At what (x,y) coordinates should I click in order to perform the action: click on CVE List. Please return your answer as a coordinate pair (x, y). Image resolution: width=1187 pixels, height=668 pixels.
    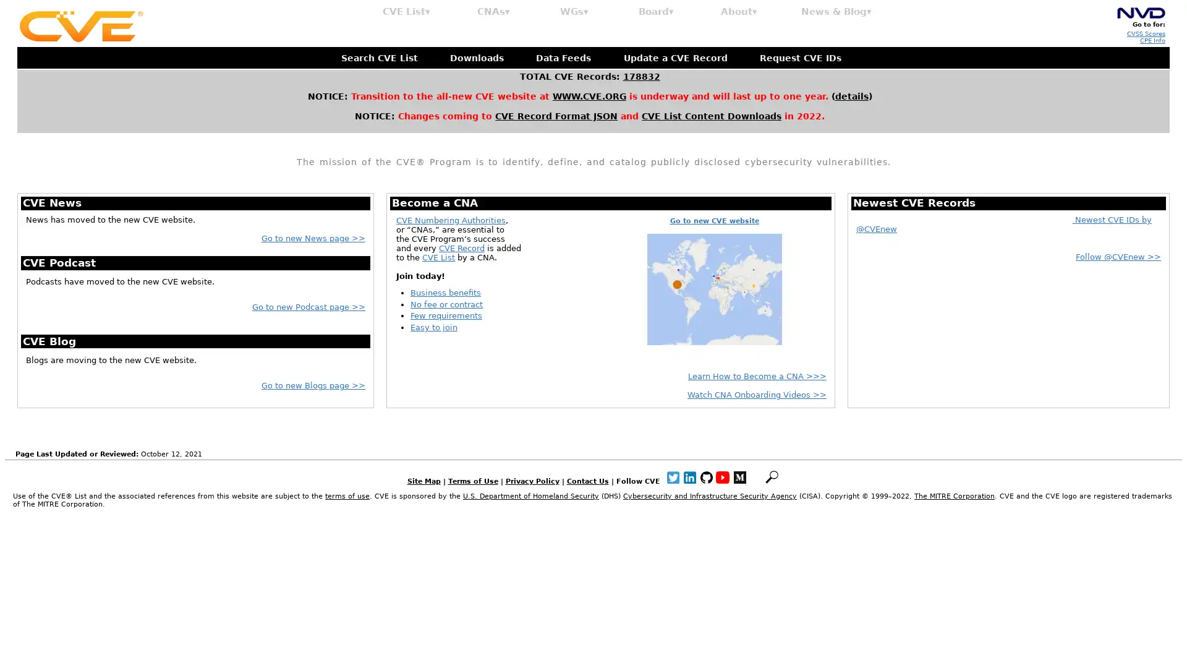
    Looking at the image, I should click on (406, 12).